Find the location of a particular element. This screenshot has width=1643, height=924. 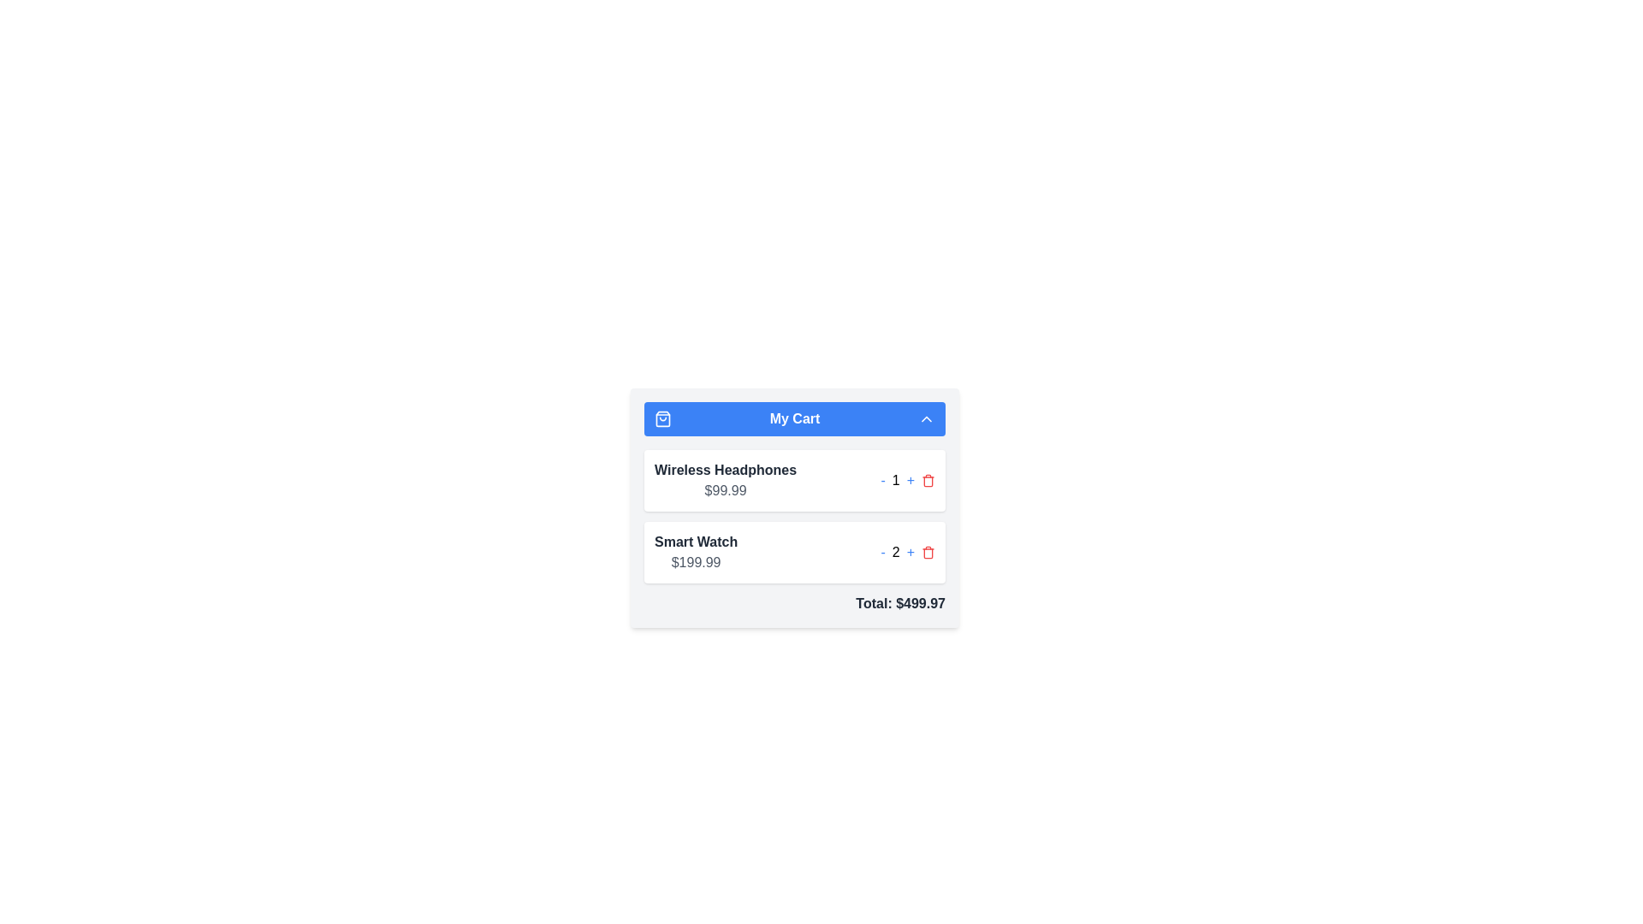

the trapezoidal structure within the shopping bag icon, located to the left of the 'My Cart' header in the blue section of the shopping cart interface is located at coordinates (661, 418).